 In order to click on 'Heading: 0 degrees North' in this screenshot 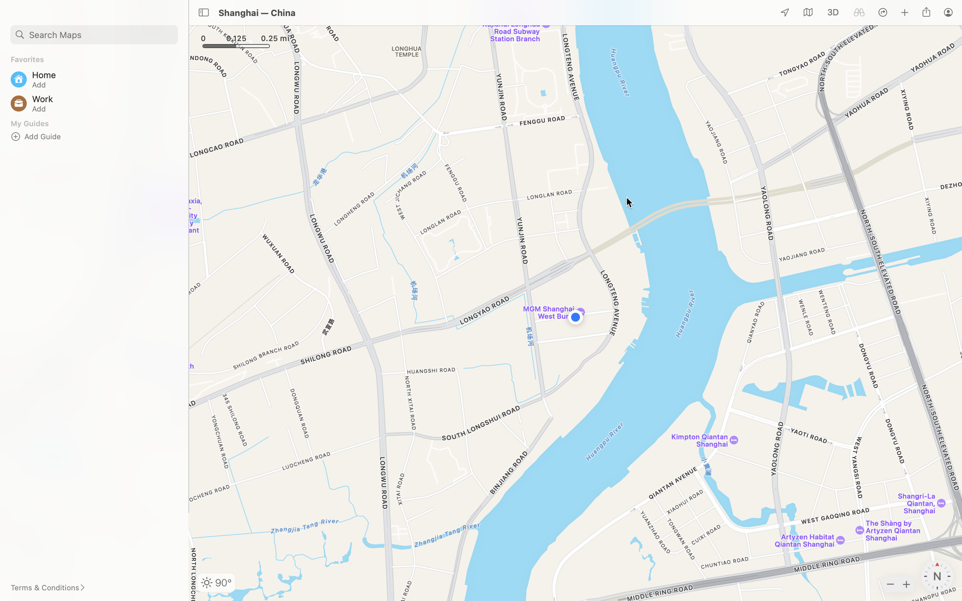, I will do `click(937, 576)`.